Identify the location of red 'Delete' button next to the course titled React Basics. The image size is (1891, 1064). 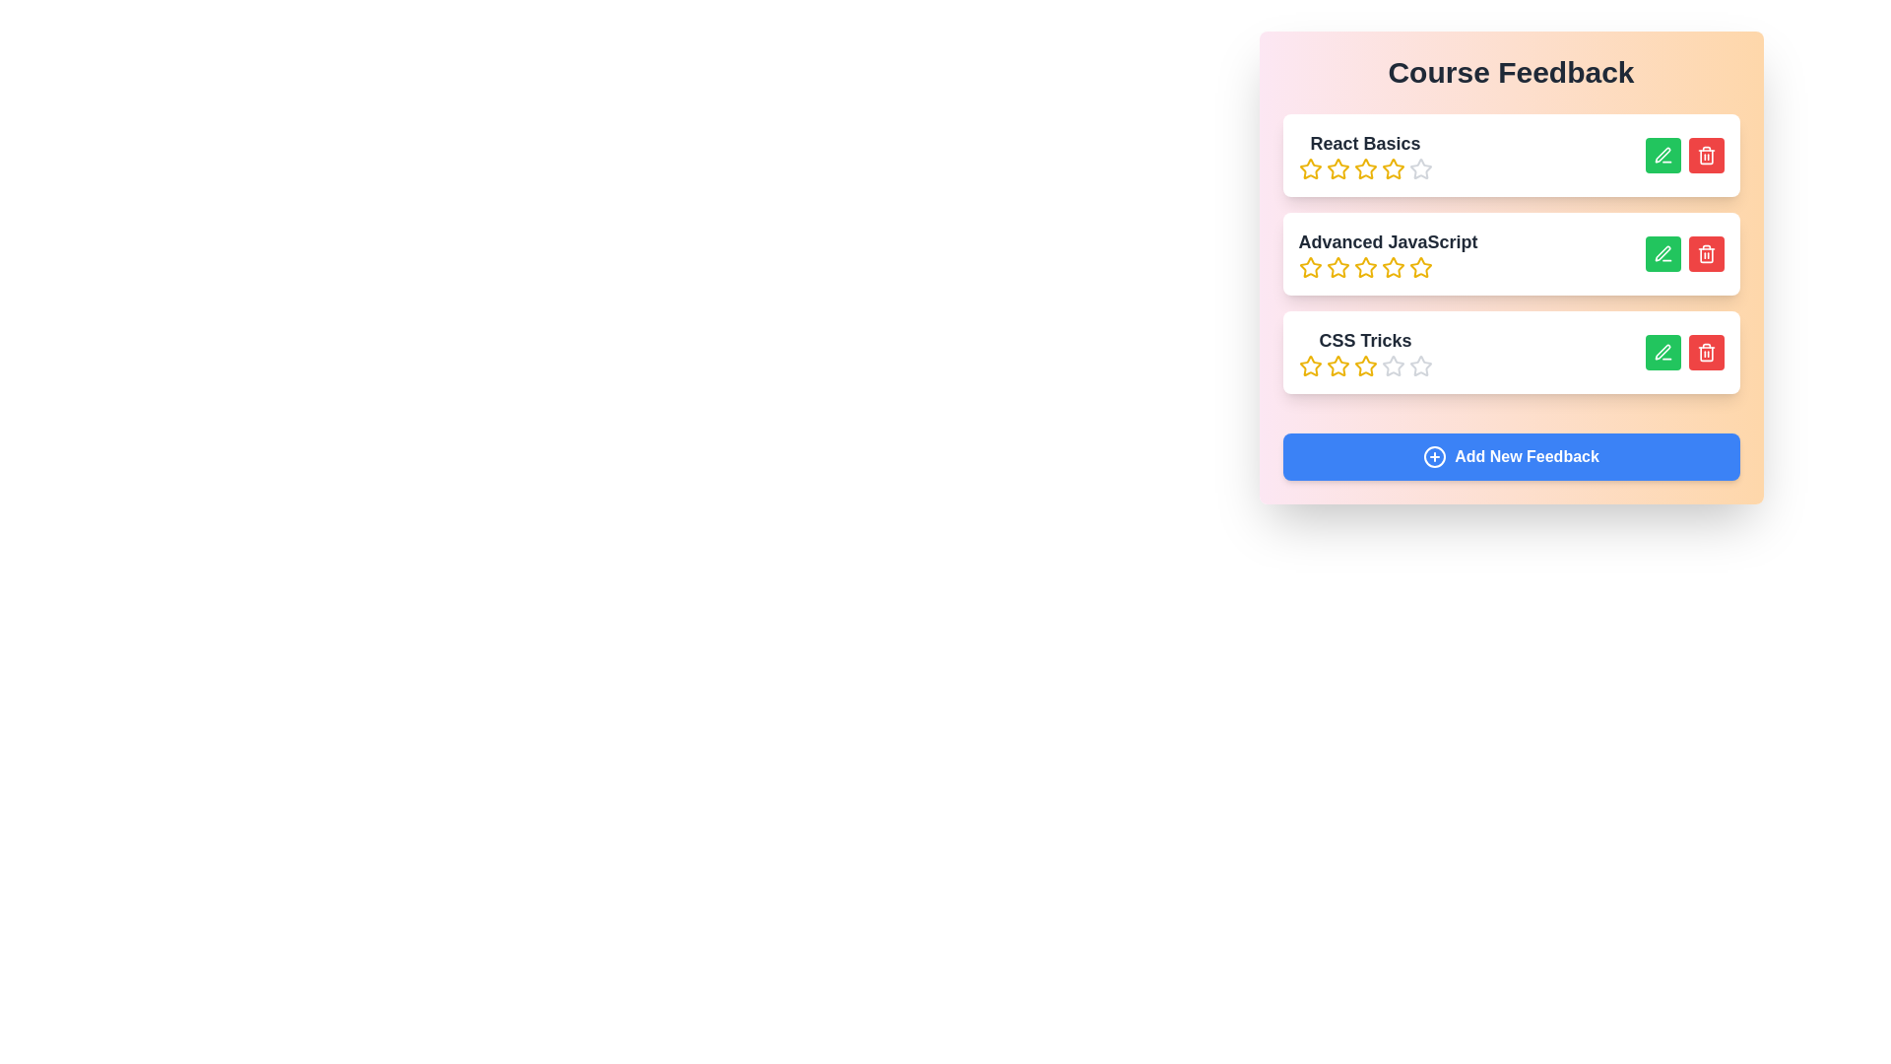
(1705, 155).